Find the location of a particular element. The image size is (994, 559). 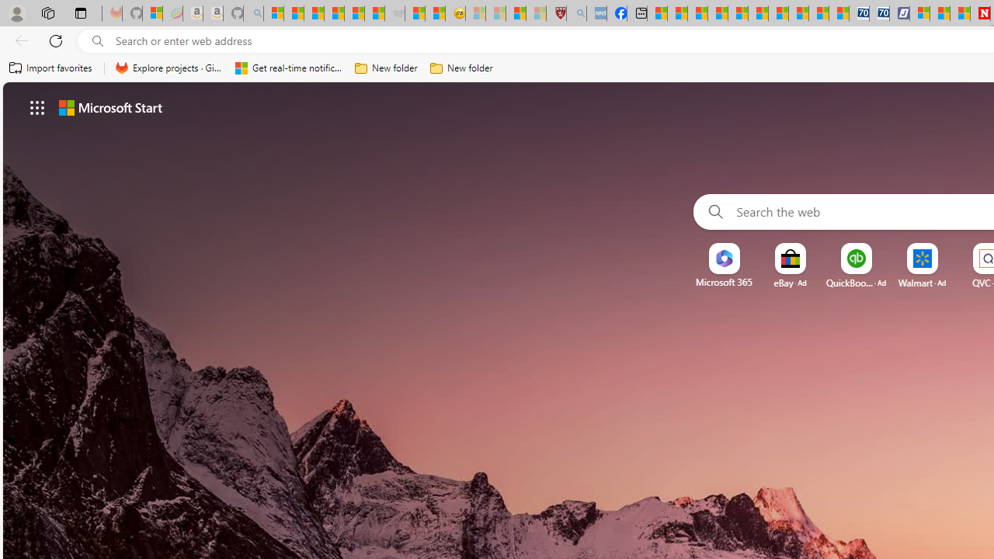

'NCL Adult Asthma Inhaler Choice Guideline - Sleeping' is located at coordinates (596, 13).